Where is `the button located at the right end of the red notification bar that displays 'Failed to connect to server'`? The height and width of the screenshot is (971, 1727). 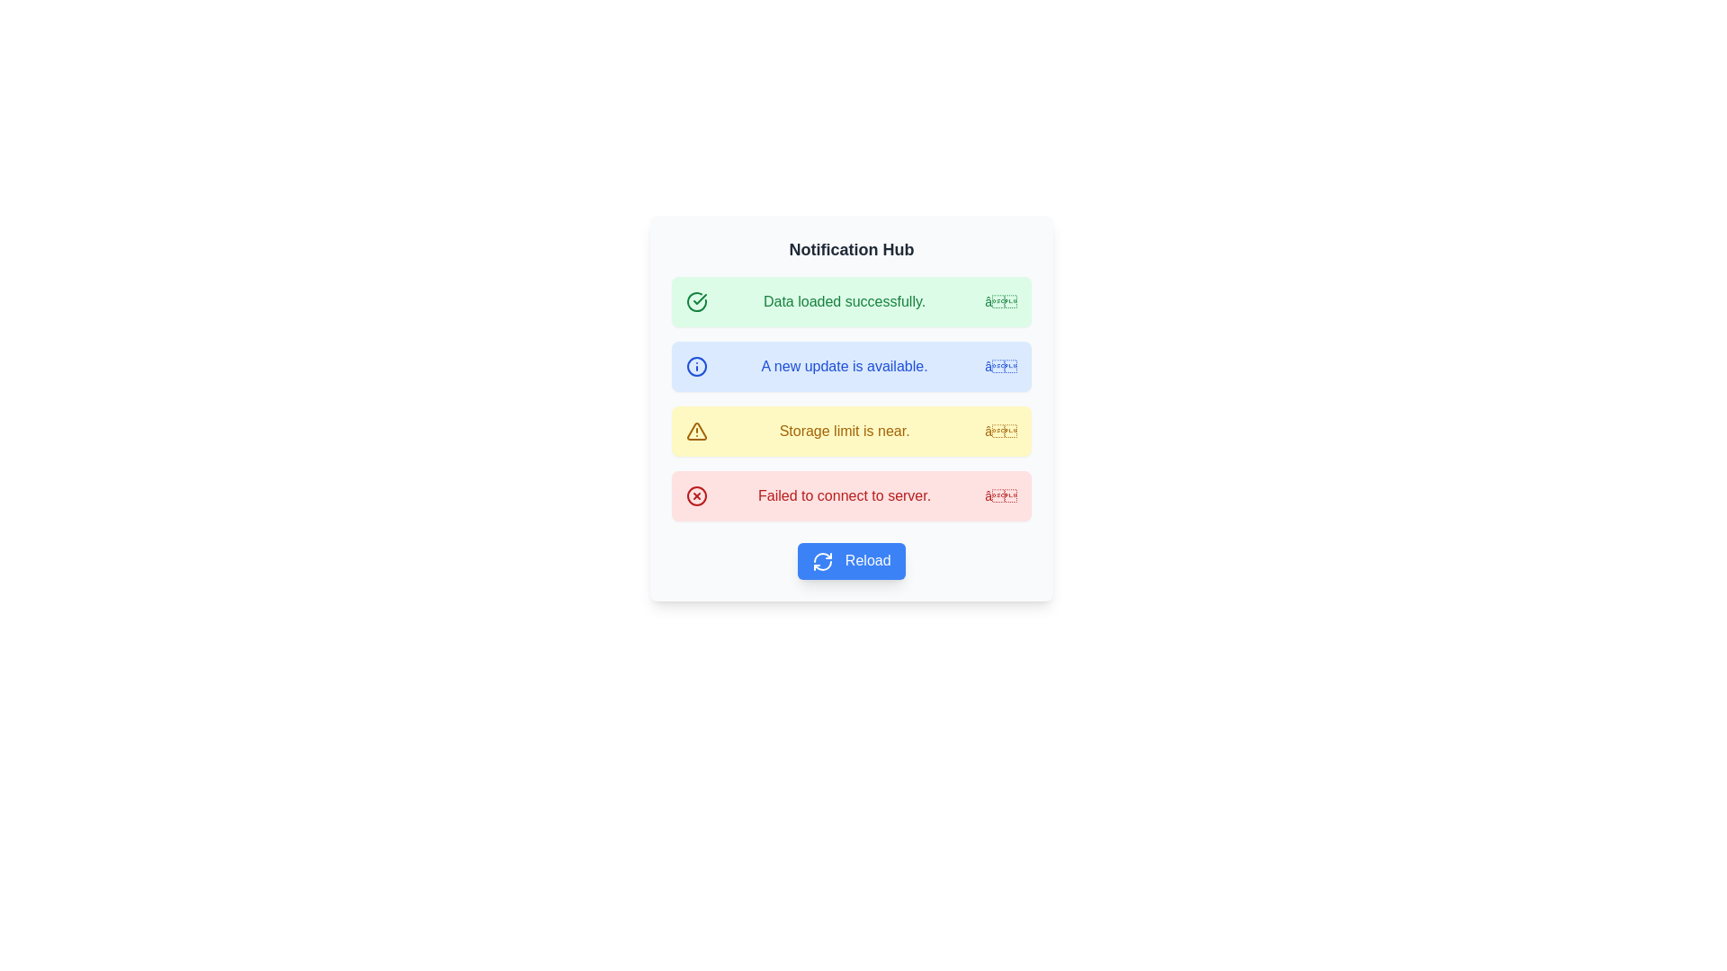 the button located at the right end of the red notification bar that displays 'Failed to connect to server' is located at coordinates (1000, 495).